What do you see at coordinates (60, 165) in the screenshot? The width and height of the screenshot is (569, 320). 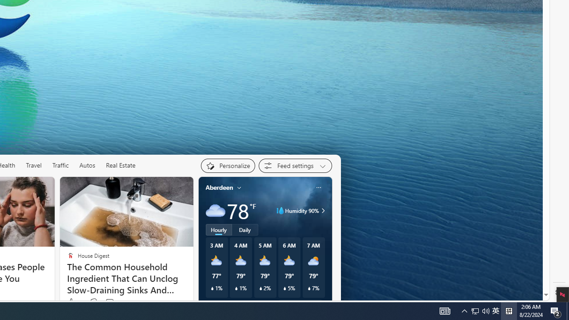 I see `'Traffic'` at bounding box center [60, 165].